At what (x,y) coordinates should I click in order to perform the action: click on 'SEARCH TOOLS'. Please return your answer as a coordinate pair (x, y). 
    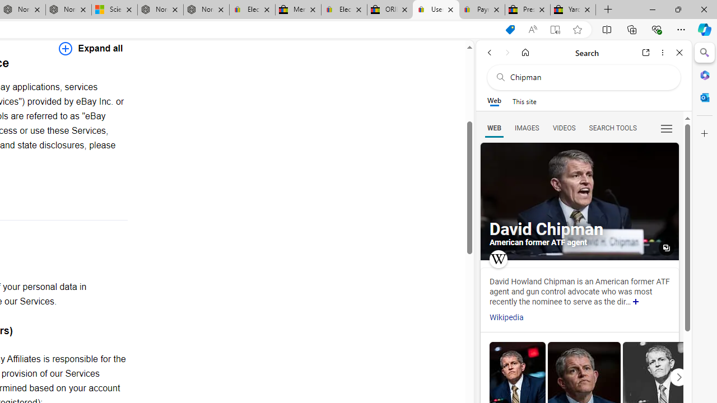
    Looking at the image, I should click on (612, 127).